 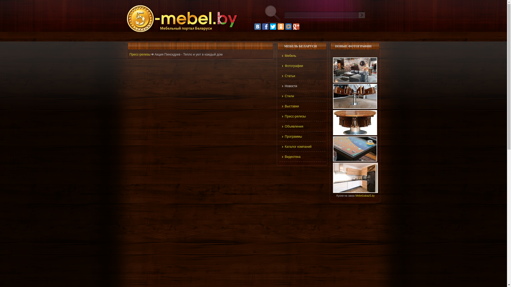 I want to click on 'Twitter', so click(x=273, y=27).